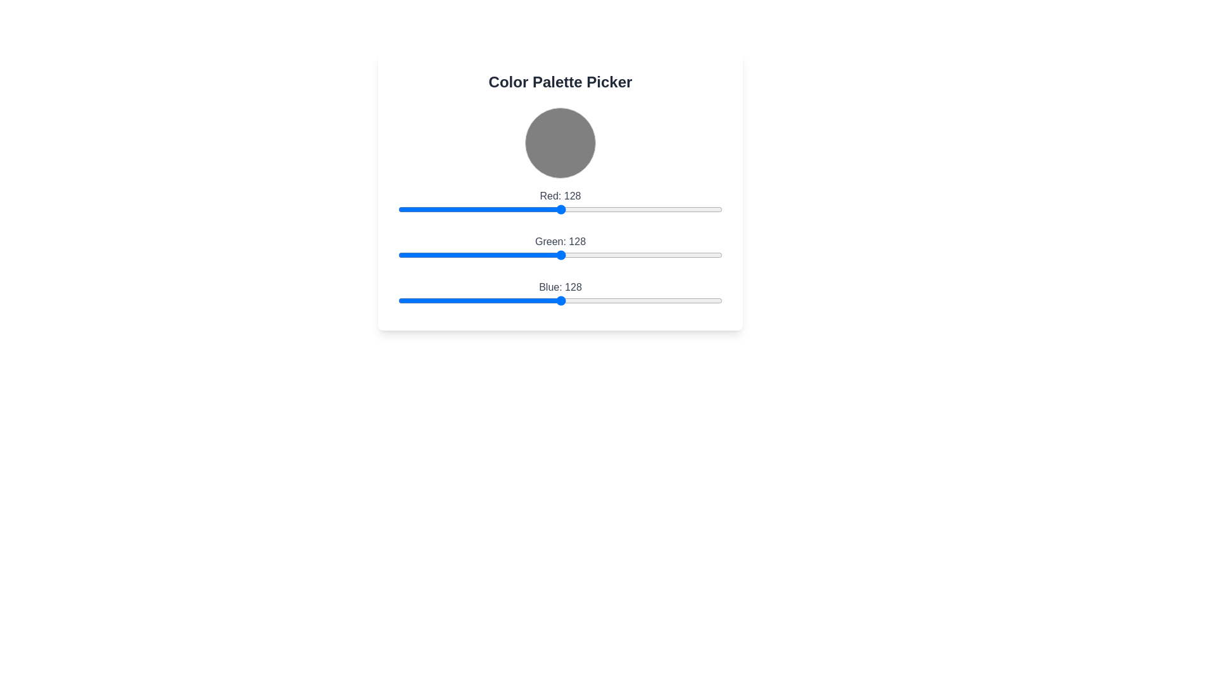  Describe the element at coordinates (493, 300) in the screenshot. I see `the blue value` at that location.